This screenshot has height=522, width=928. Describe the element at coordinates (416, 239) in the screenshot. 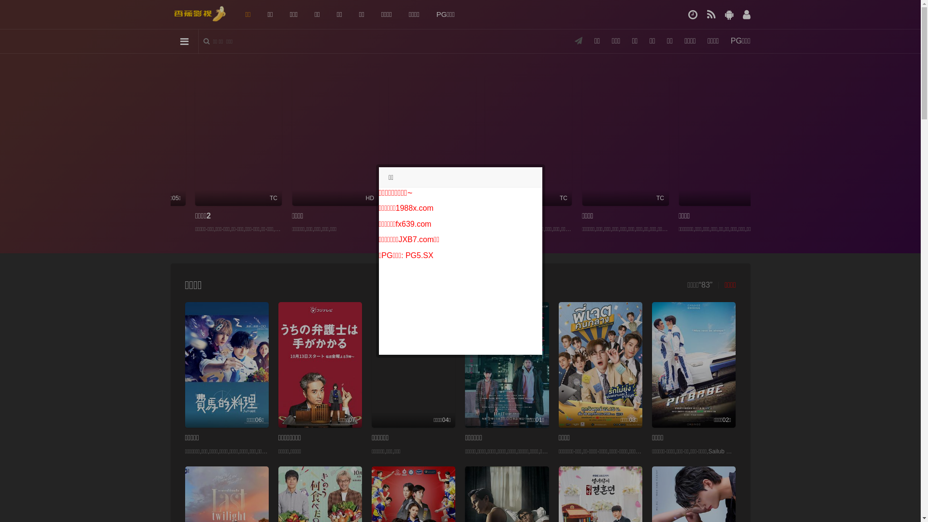

I see `'JXB7.com'` at that location.